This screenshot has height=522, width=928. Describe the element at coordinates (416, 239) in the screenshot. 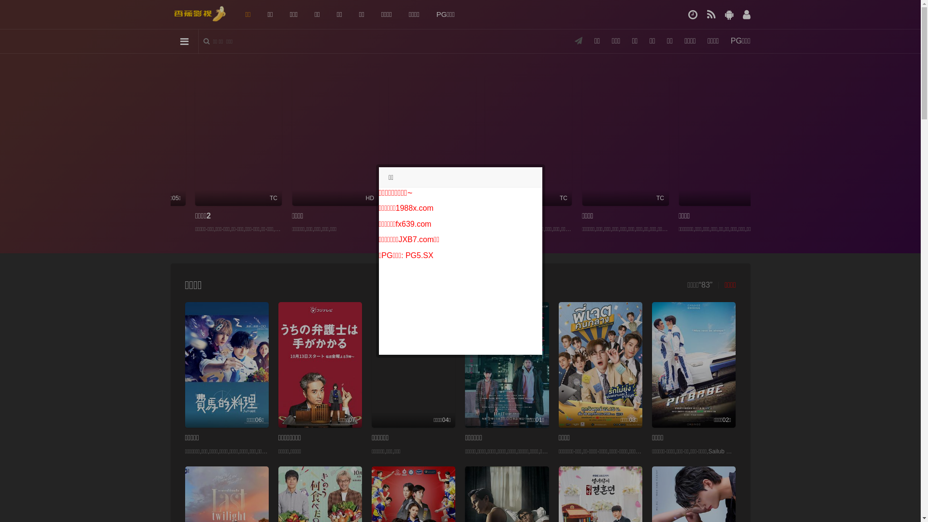

I see `'JXB7.com'` at that location.